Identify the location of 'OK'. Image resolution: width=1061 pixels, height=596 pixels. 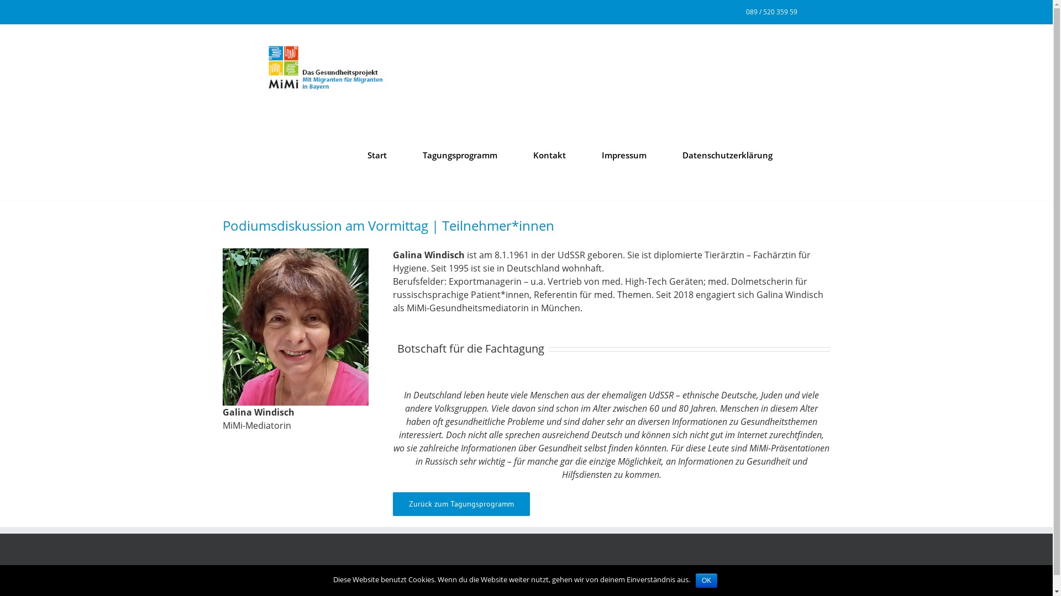
(706, 580).